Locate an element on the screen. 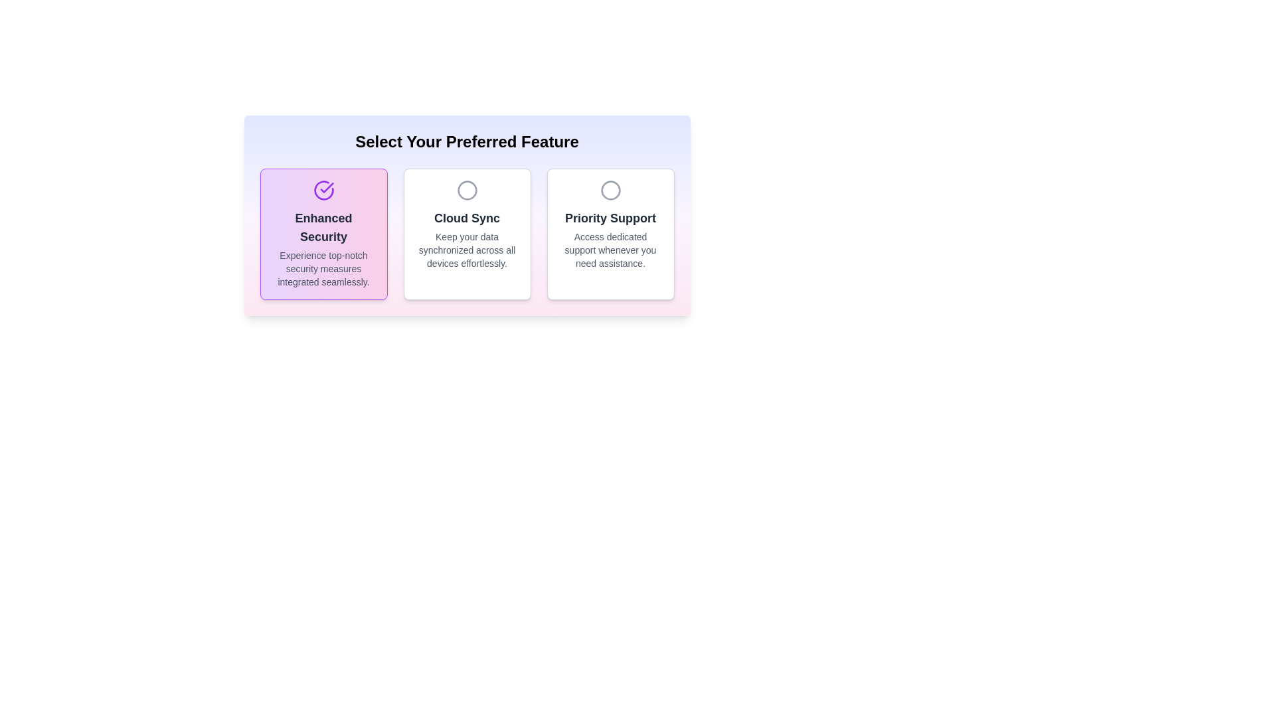 Image resolution: width=1275 pixels, height=717 pixels. text on the Informational Card that provides details about the 'Cloud Sync' feature, which is the second card in a set of three horizontally aligned cards is located at coordinates (467, 234).